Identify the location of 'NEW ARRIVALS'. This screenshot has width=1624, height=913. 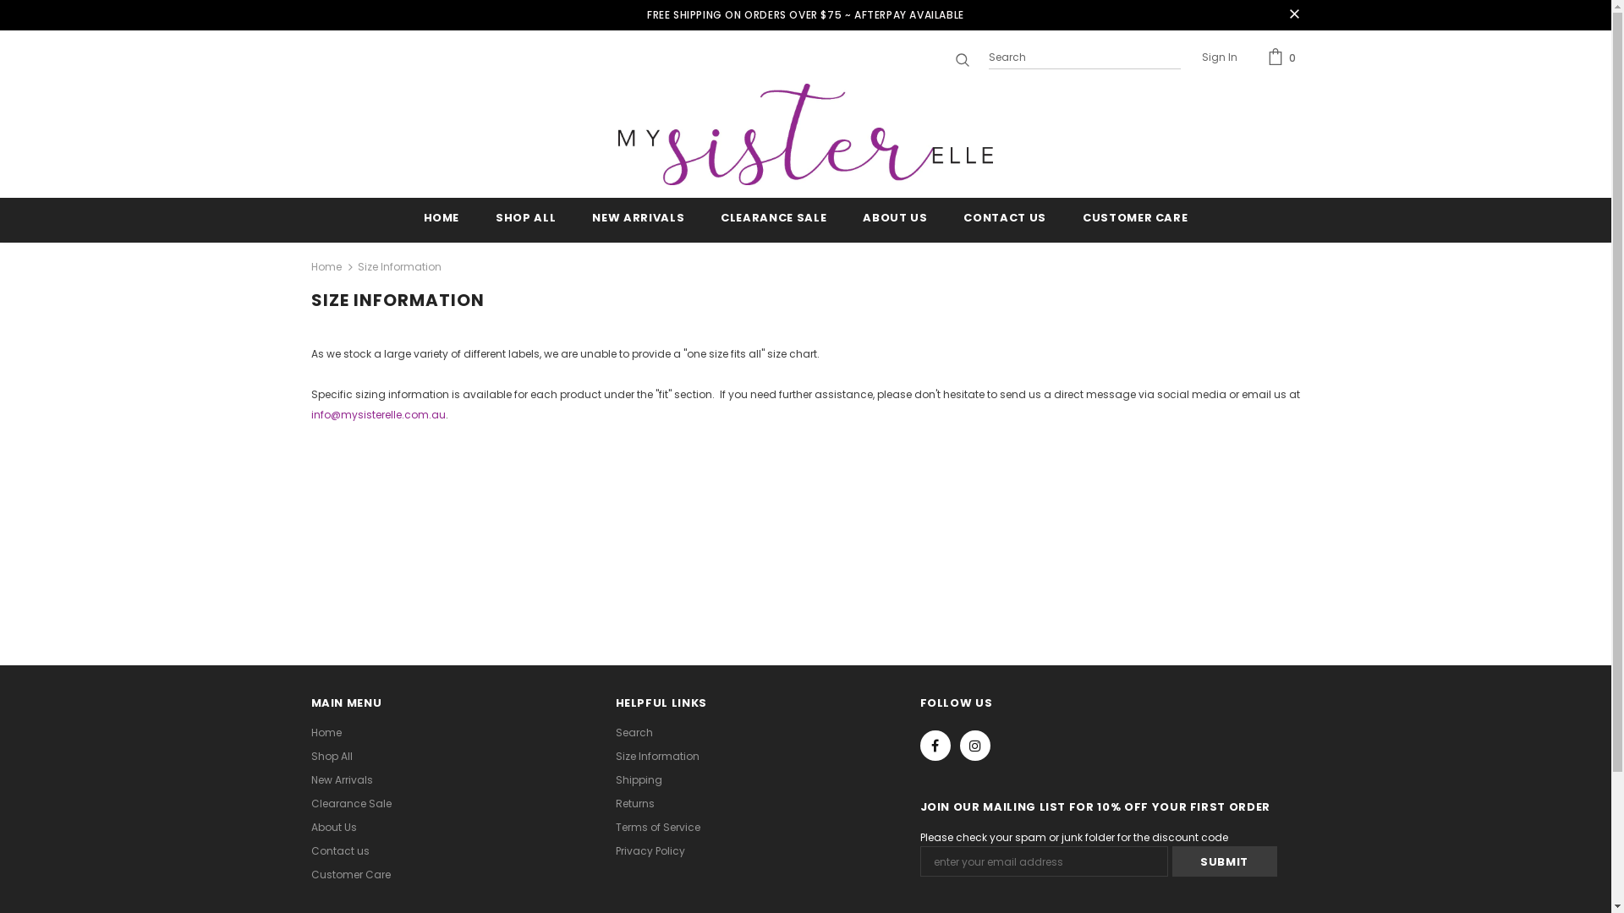
(637, 219).